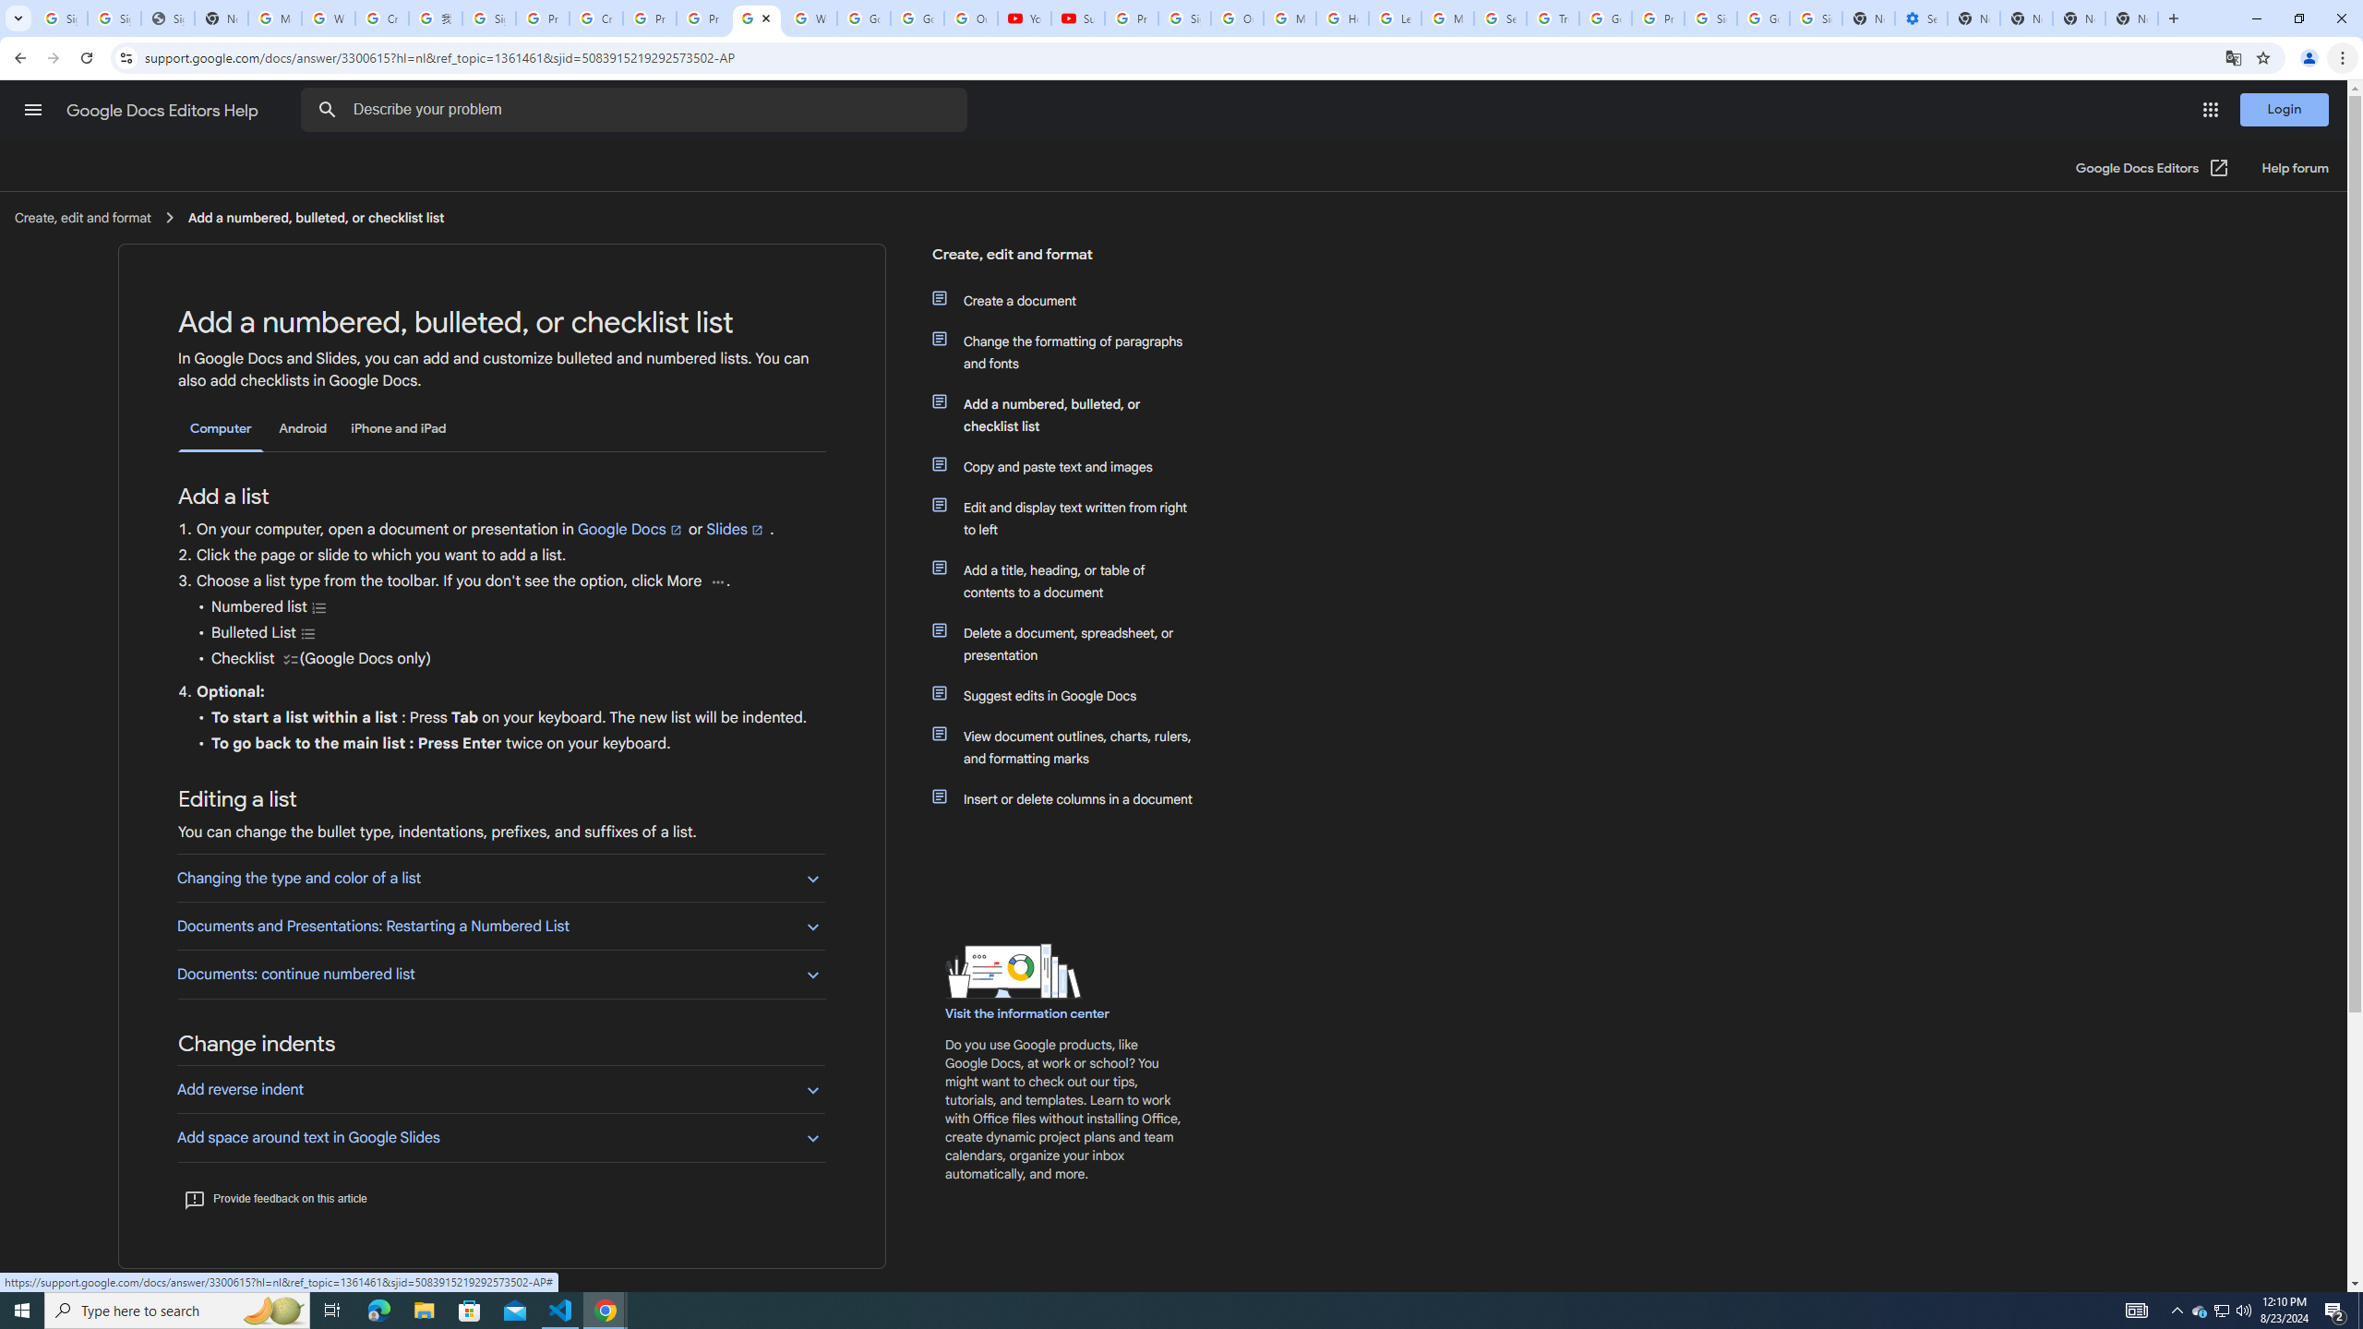 The height and width of the screenshot is (1329, 2363). I want to click on 'Create your Google Account', so click(595, 18).